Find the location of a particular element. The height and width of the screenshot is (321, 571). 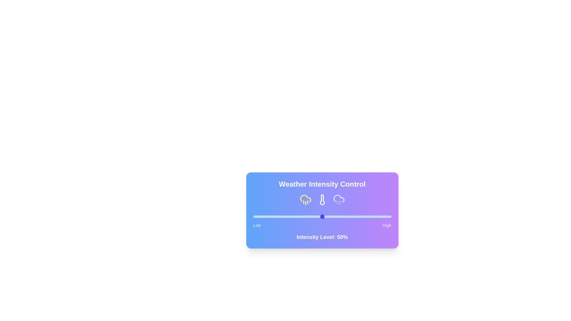

the weather condition icon for temperature is located at coordinates (322, 199).